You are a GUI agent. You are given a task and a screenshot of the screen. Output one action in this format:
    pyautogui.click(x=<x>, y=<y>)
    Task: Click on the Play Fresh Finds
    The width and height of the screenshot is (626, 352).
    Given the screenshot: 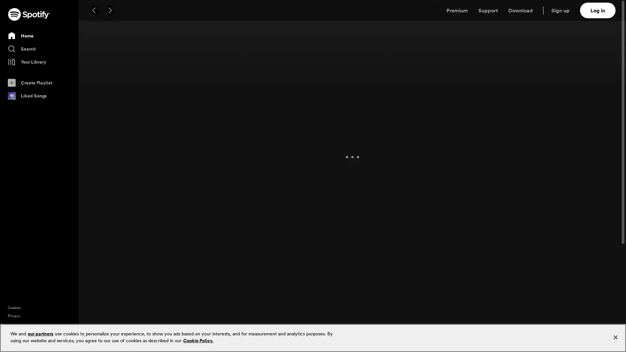 What is the action you would take?
    pyautogui.click(x=131, y=90)
    